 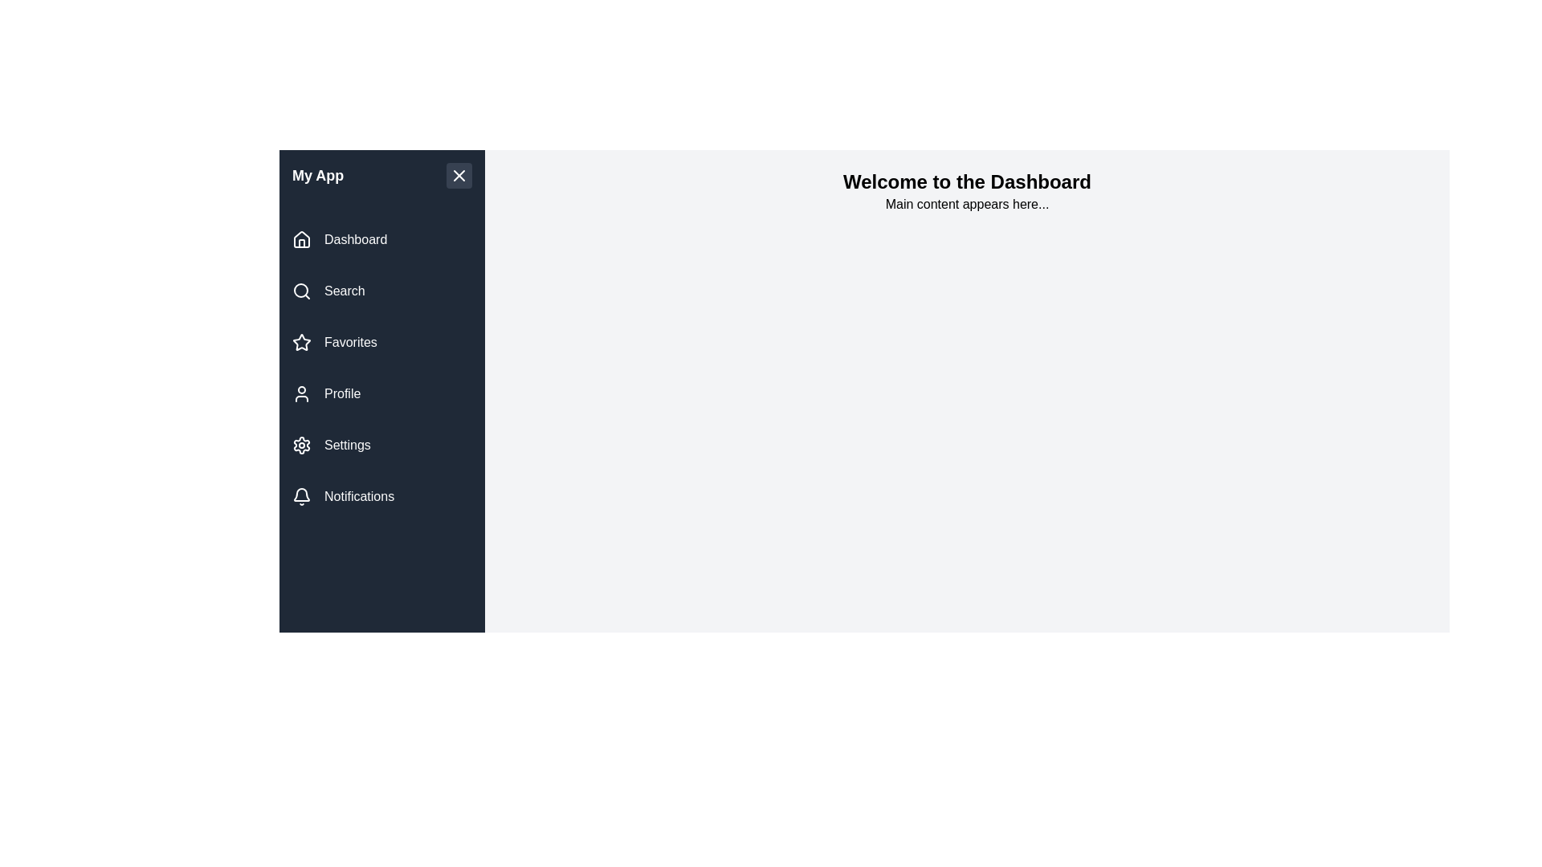 What do you see at coordinates (381, 291) in the screenshot?
I see `the navigation item Search from the drawer` at bounding box center [381, 291].